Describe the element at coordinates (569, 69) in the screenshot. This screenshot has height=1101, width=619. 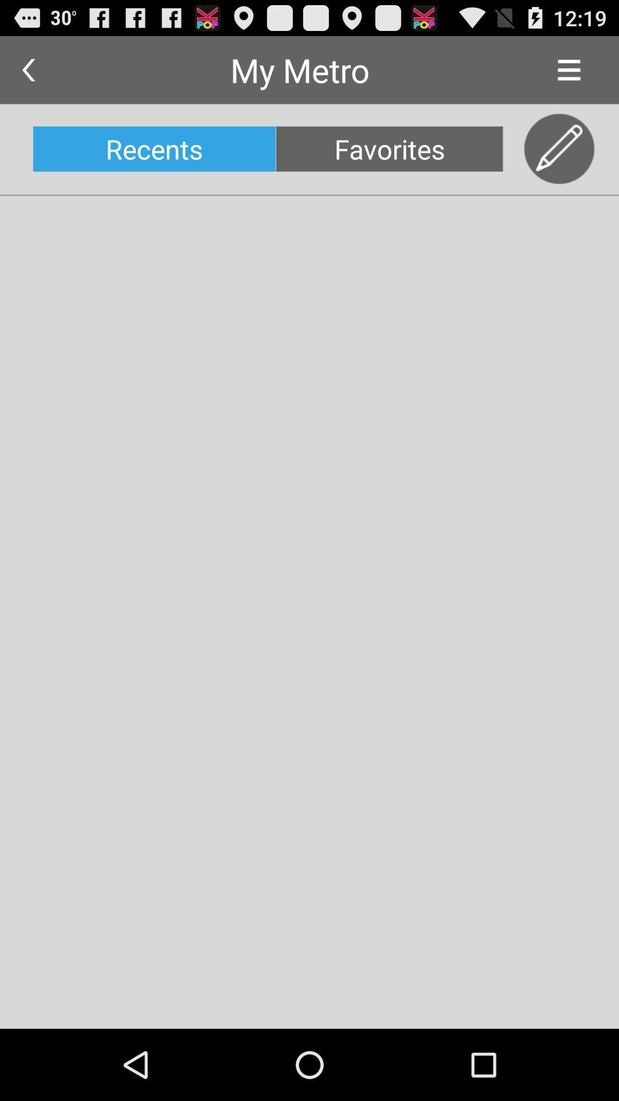
I see `icon next to the my metro icon` at that location.